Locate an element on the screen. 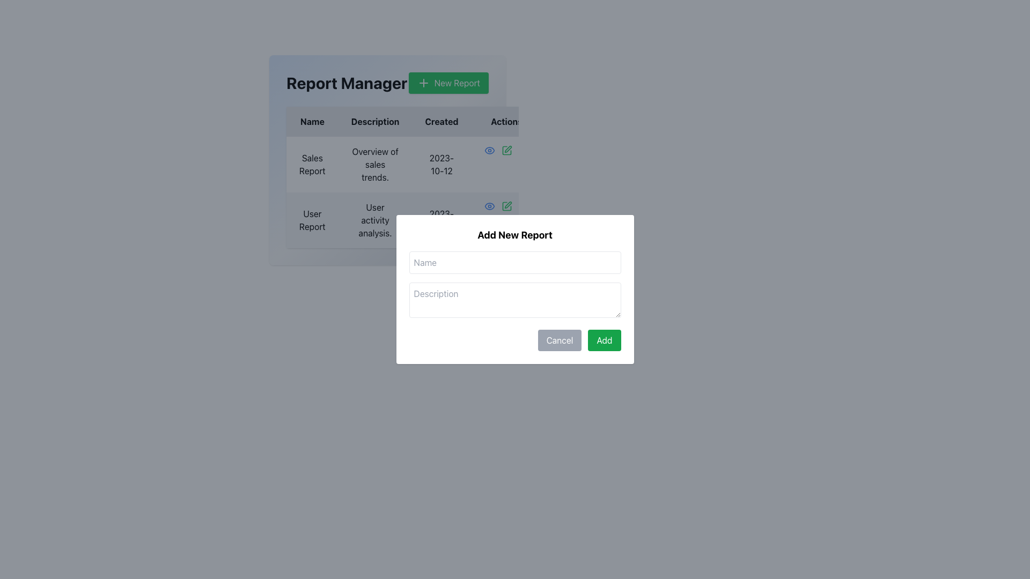  the green pen icon styled button in the 'Actions' column of the second row for 'User Report' is located at coordinates (506, 206).